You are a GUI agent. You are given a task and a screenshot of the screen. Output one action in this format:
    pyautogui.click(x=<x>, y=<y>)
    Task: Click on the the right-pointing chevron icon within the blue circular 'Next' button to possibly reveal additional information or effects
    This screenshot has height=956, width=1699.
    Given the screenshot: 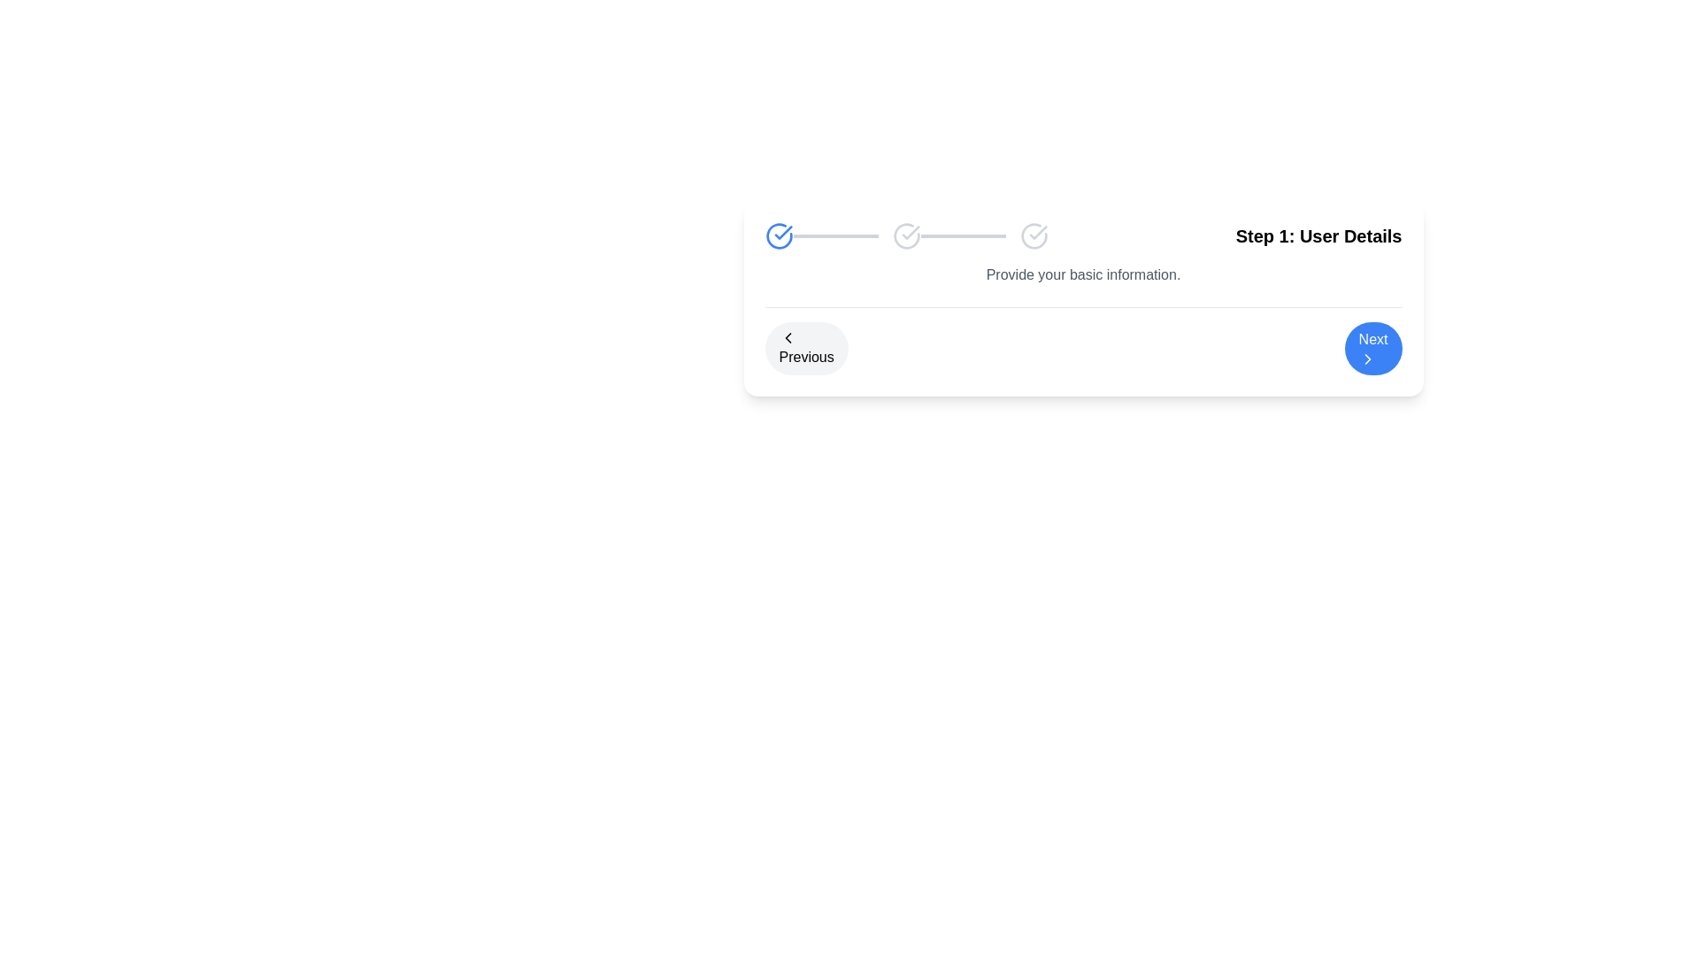 What is the action you would take?
    pyautogui.click(x=1366, y=358)
    